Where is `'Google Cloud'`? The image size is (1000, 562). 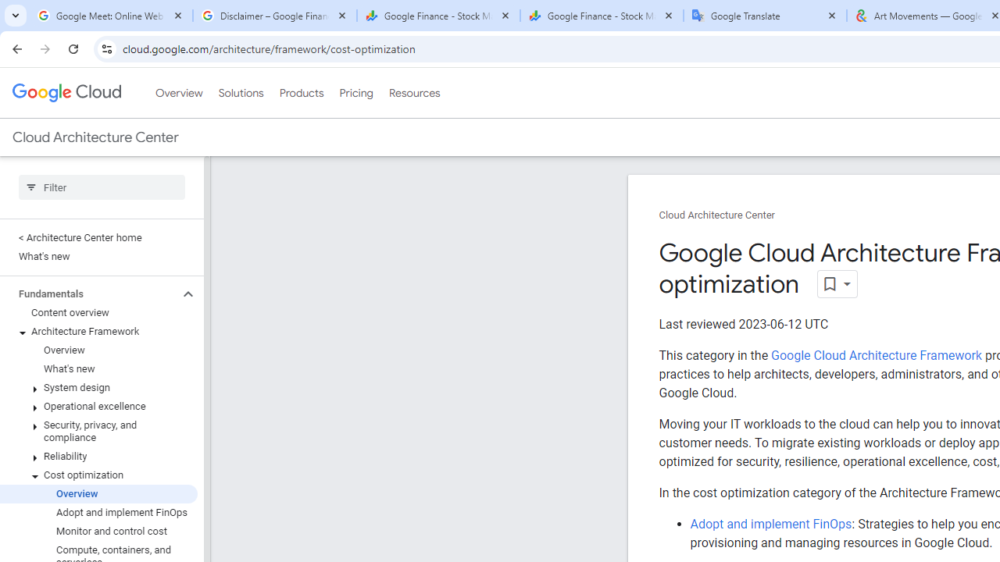
'Google Cloud' is located at coordinates (66, 93).